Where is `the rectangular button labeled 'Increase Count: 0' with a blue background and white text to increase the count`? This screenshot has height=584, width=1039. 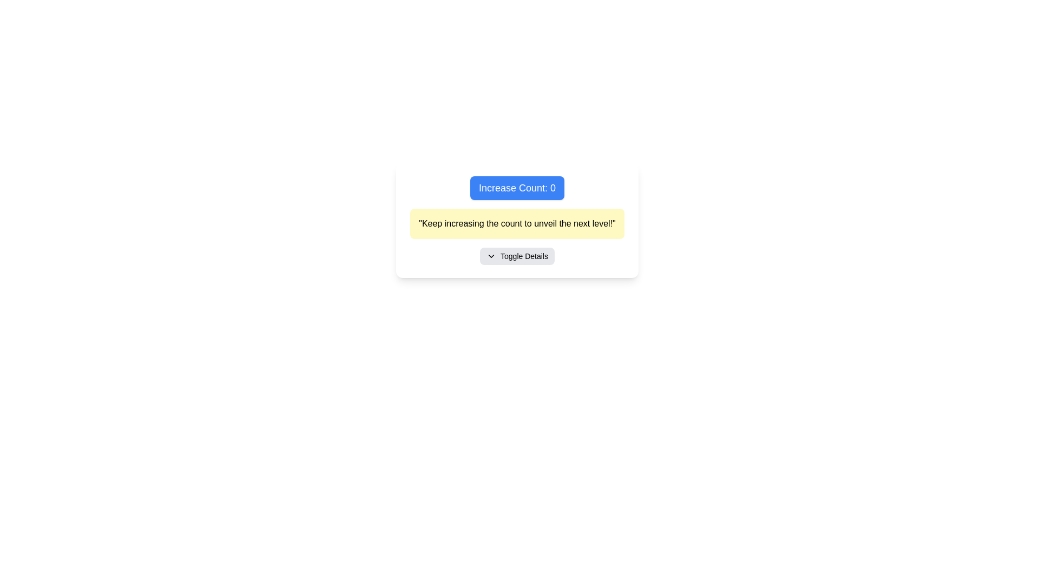 the rectangular button labeled 'Increase Count: 0' with a blue background and white text to increase the count is located at coordinates (516, 187).